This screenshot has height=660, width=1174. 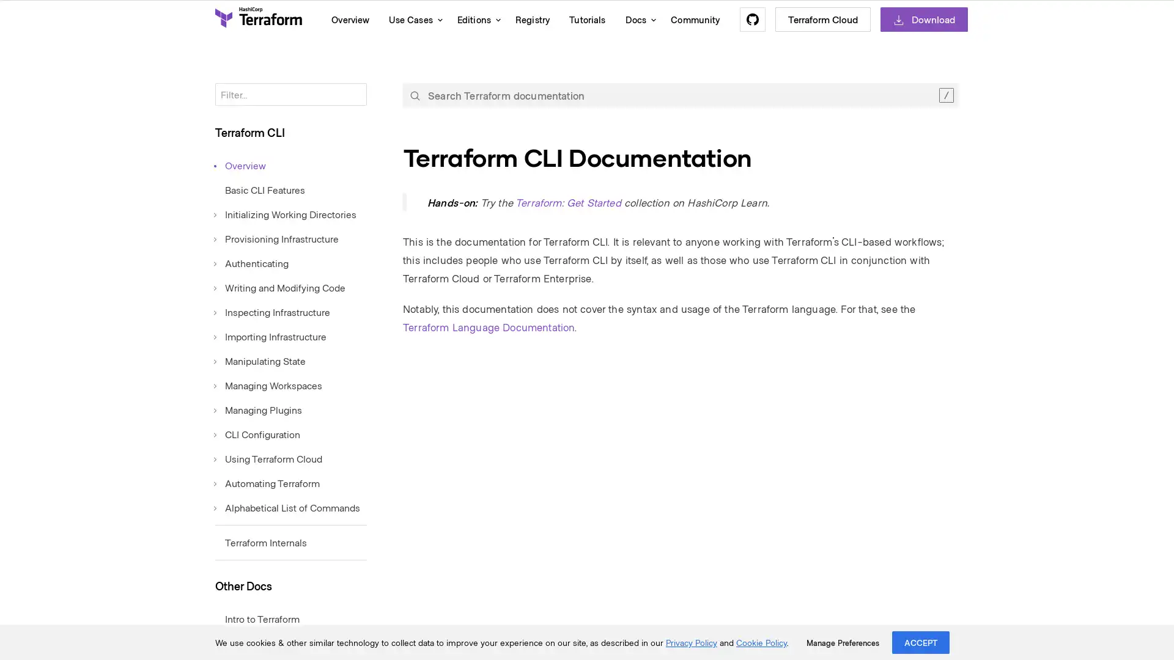 What do you see at coordinates (945, 94) in the screenshot?
I see `Clear the search query.` at bounding box center [945, 94].